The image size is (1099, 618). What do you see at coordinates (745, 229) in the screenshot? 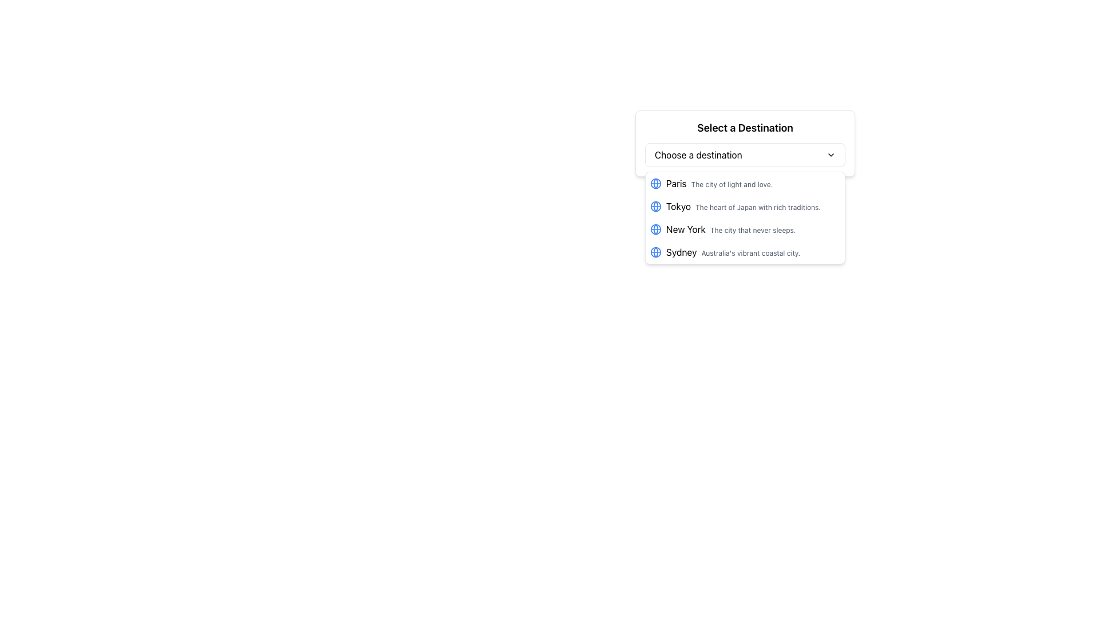
I see `the selectable destination entry for 'New York' which includes a blue globe icon and descriptive text, located under the dropdown titled 'Select a Destination'` at bounding box center [745, 229].